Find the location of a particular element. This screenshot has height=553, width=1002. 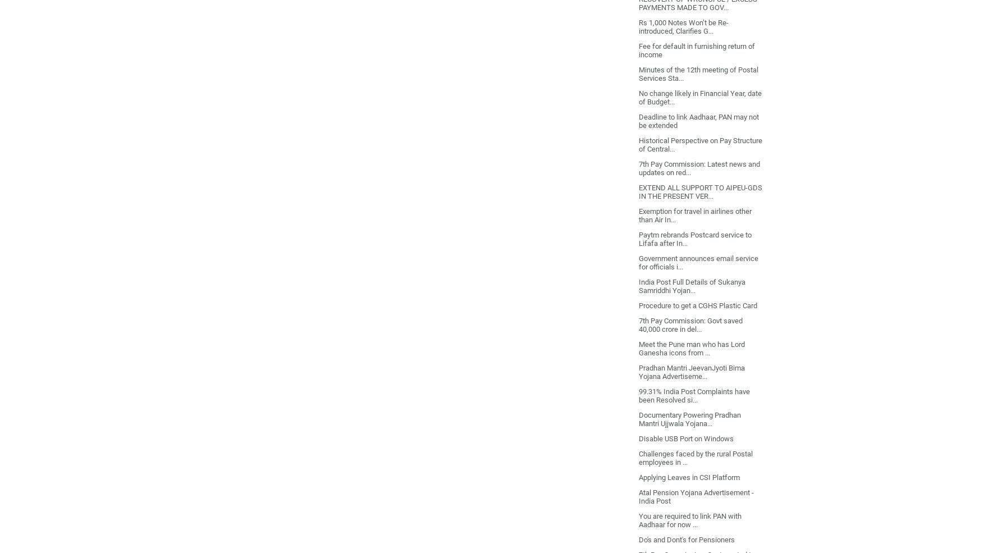

'Do's and Dont's for Pensioners' is located at coordinates (685, 539).